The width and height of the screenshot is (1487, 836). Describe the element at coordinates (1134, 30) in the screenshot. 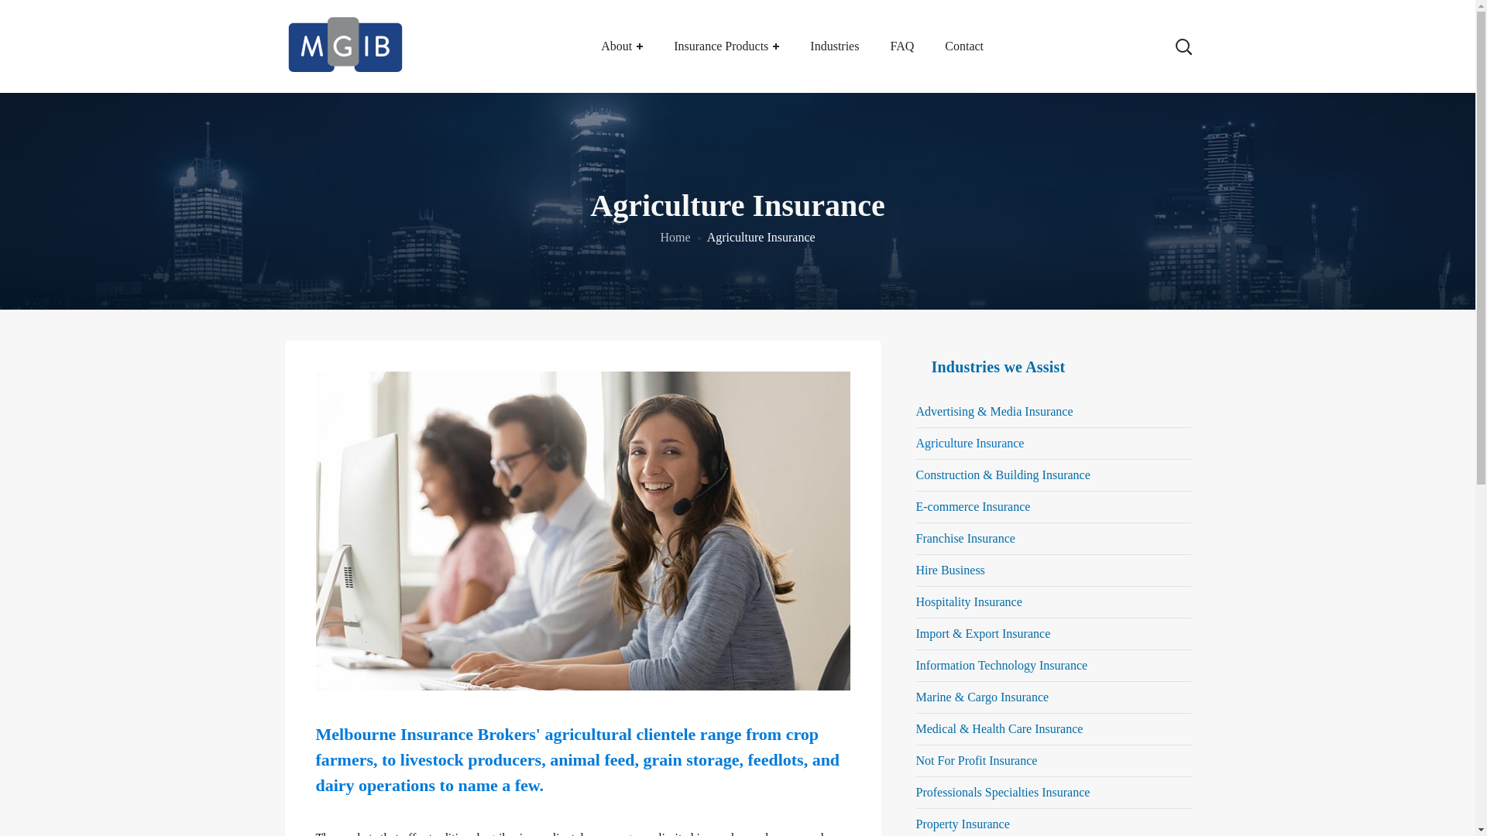

I see `'Search'` at that location.